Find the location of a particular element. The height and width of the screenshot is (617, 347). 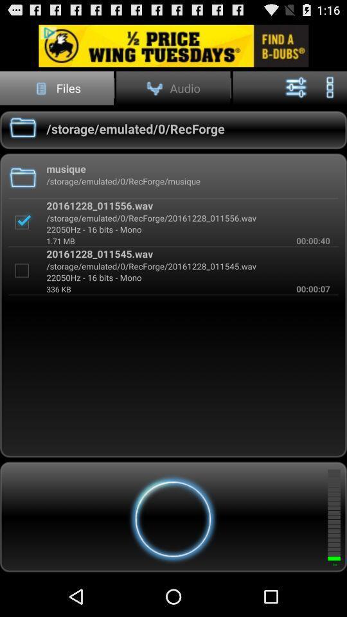

the more icon is located at coordinates (330, 93).